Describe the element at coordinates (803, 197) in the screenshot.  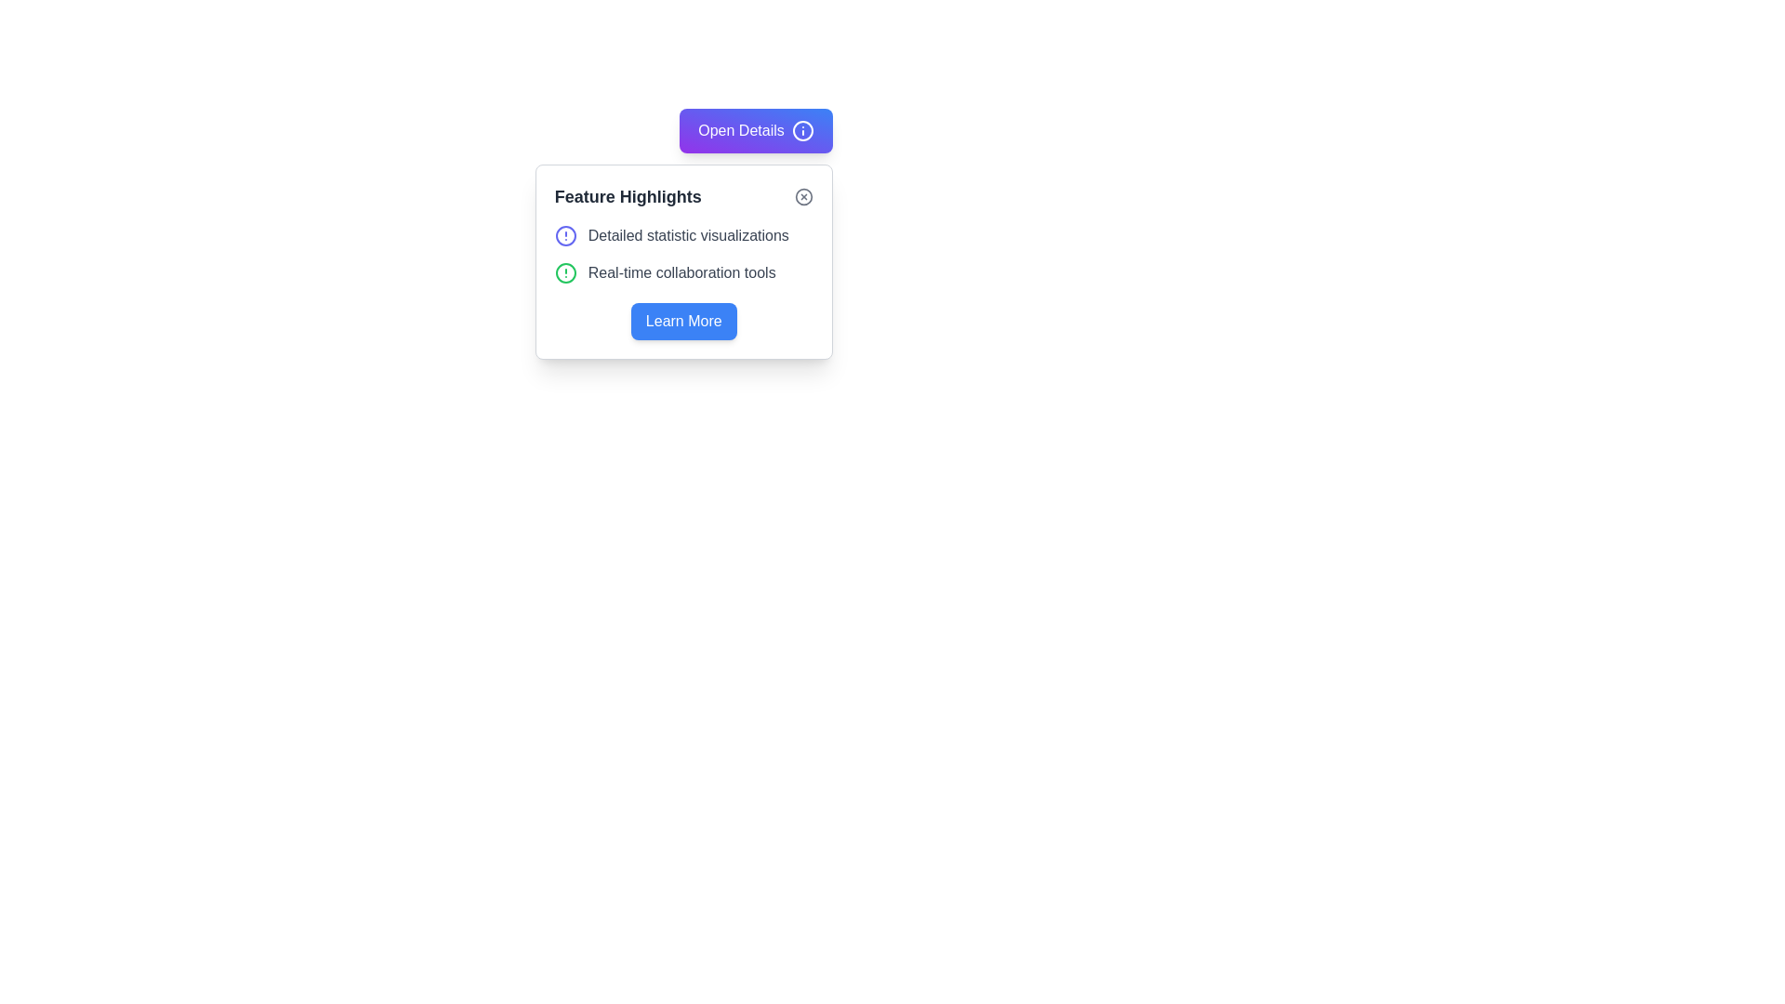
I see `the circular 'X' button next to the 'Feature Highlights' title to change its color to red` at that location.